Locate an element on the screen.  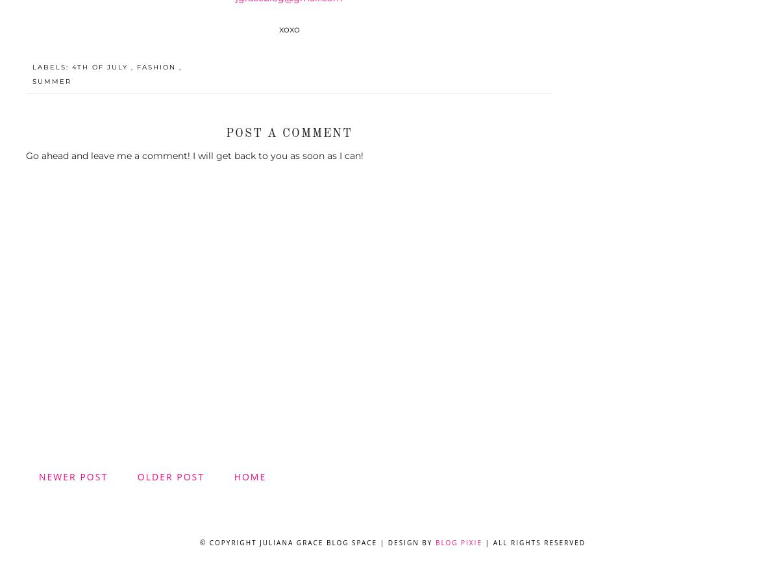
'4th of July' is located at coordinates (101, 66).